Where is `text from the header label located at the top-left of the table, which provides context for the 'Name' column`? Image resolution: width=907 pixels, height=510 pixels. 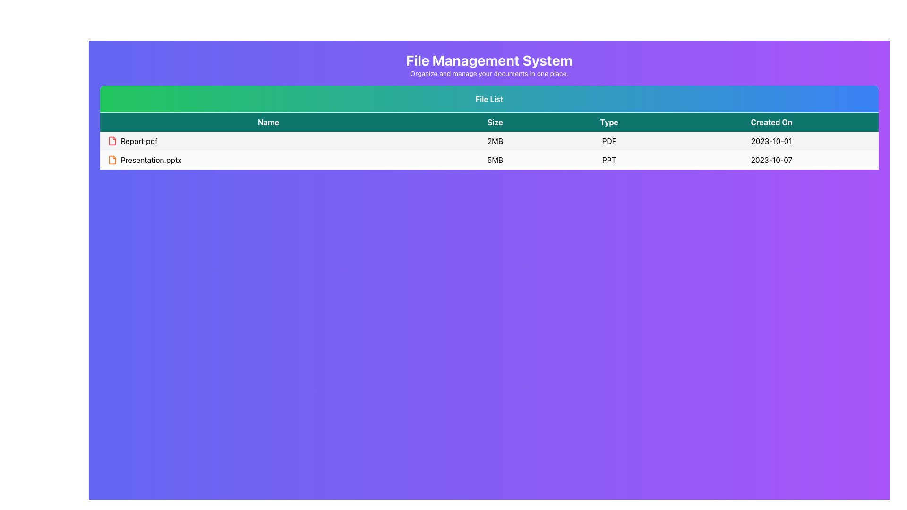
text from the header label located at the top-left of the table, which provides context for the 'Name' column is located at coordinates (268, 121).